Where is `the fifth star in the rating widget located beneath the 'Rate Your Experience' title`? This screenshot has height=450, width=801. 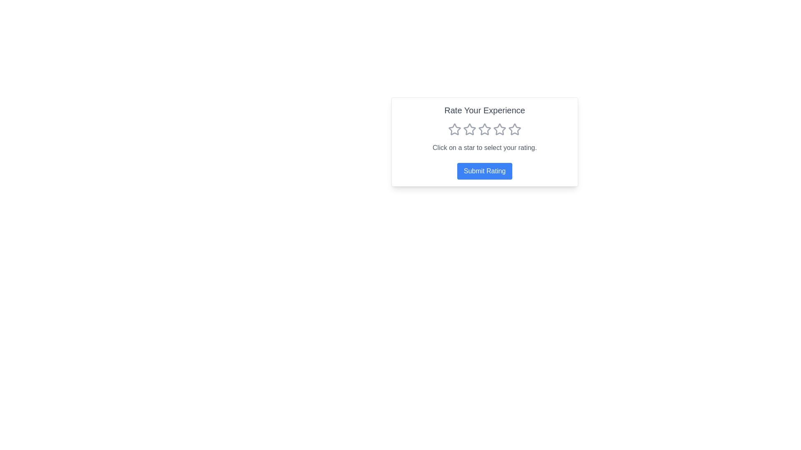 the fifth star in the rating widget located beneath the 'Rate Your Experience' title is located at coordinates (514, 129).